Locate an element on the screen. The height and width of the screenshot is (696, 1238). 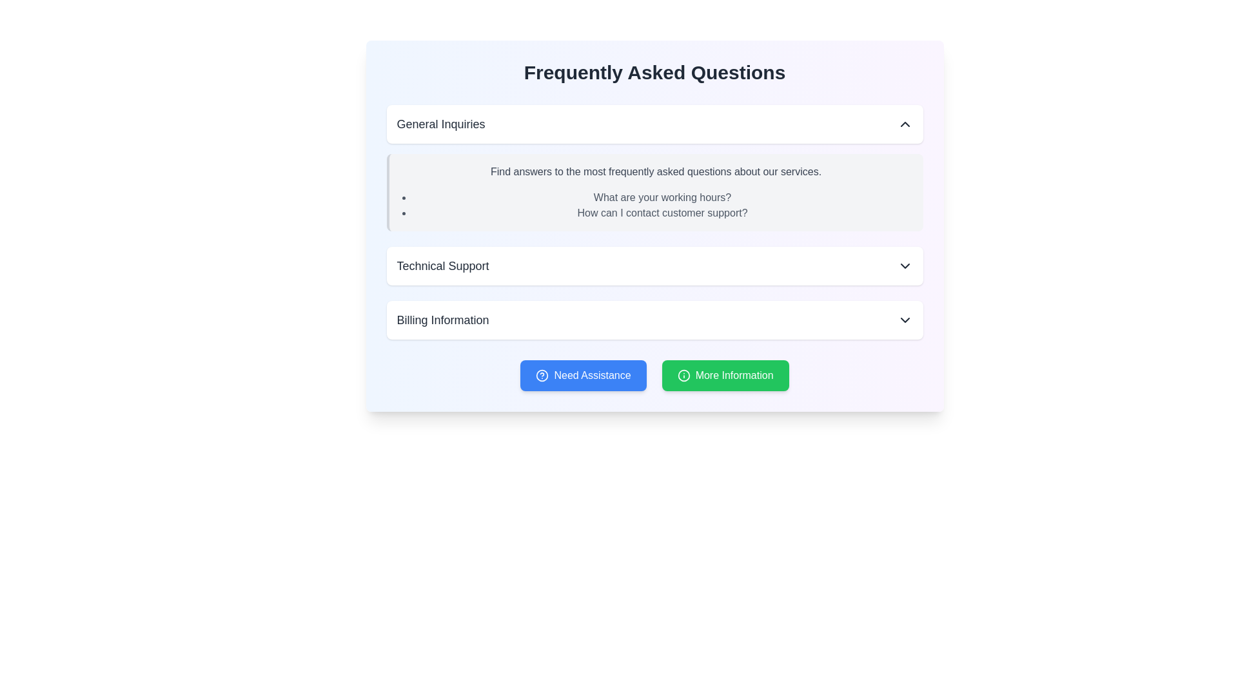
the Decorative information icon within the 'More Information' button, which is styled as an SVG icon with a circular outline, located on the left side of the button text is located at coordinates (683, 375).